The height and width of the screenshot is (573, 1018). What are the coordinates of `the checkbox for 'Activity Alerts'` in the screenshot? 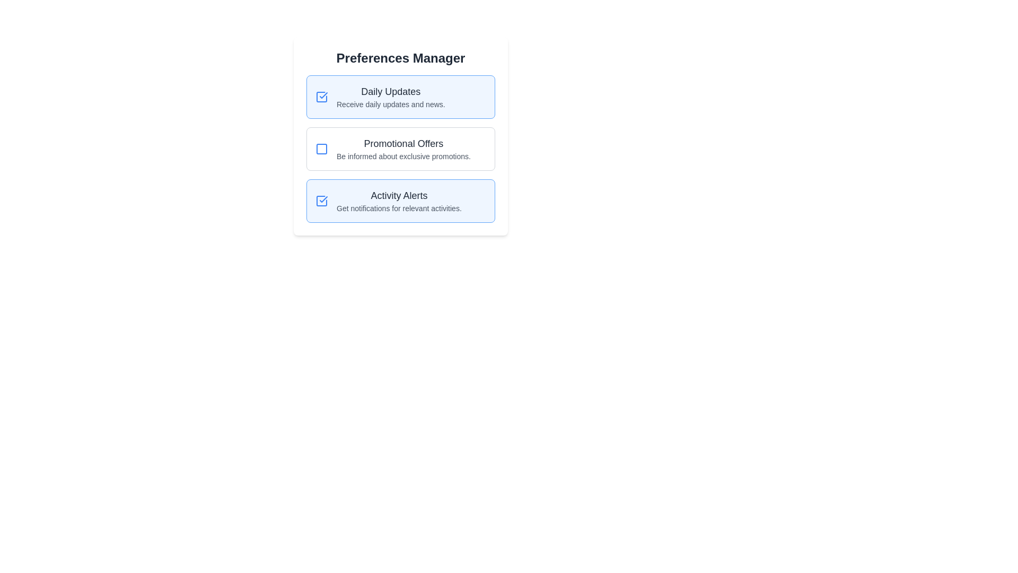 It's located at (321, 201).